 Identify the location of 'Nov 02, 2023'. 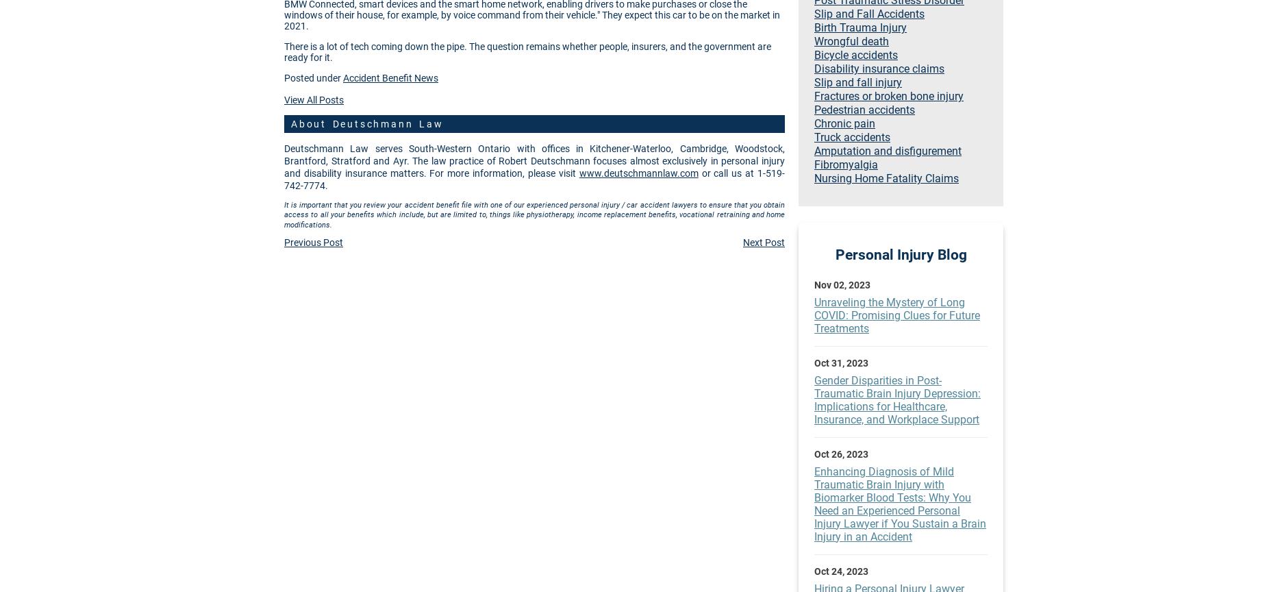
(813, 283).